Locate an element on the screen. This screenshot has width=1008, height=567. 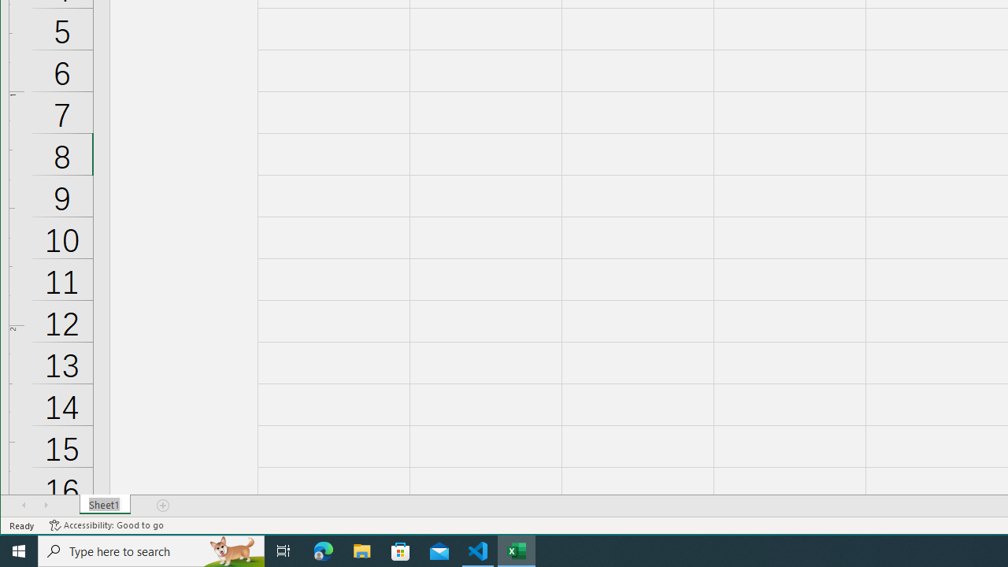
'File Explorer' is located at coordinates (361, 550).